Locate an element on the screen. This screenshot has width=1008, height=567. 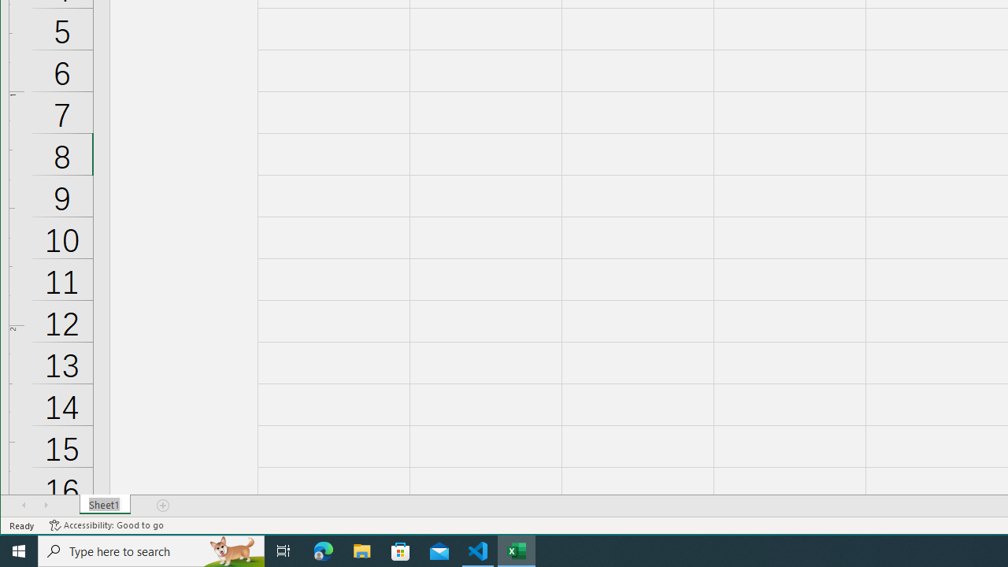
'File Explorer' is located at coordinates (361, 550).